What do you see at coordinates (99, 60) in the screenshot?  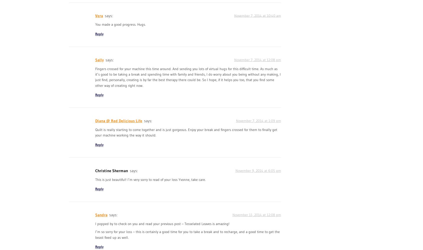 I see `'sally'` at bounding box center [99, 60].